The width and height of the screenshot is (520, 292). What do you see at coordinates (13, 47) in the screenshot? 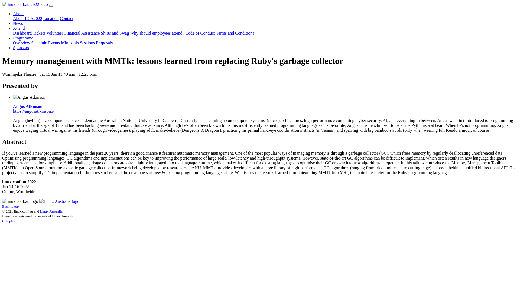
I see `'Sponsors'` at bounding box center [13, 47].